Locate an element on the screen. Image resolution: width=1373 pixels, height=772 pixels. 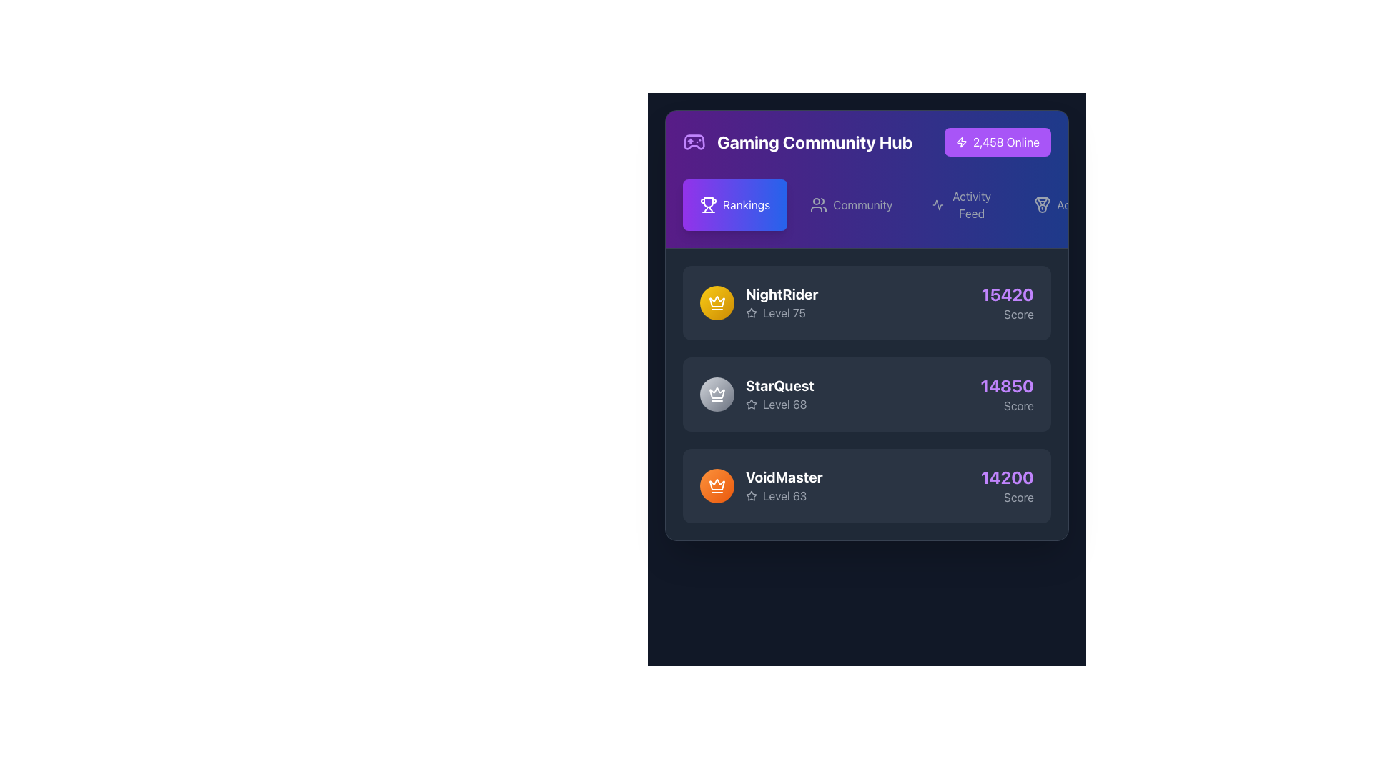
large bold purple number '15420' displayed in the top-right corner of the card labeled 'NightRider' and 'Level 75', which serves as a score indicator is located at coordinates (1007, 294).